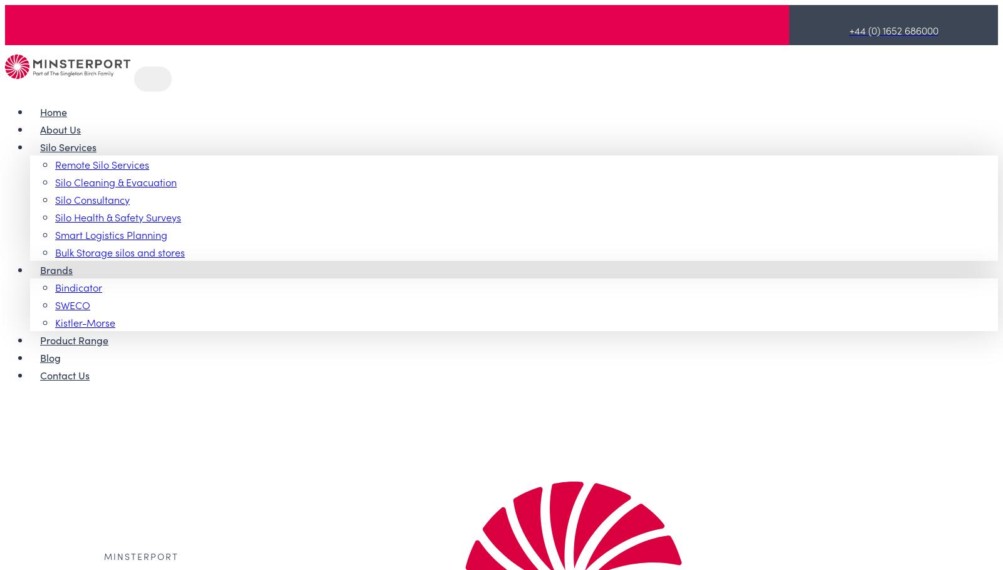  What do you see at coordinates (848, 29) in the screenshot?
I see `'+44 (0) 1652 686000'` at bounding box center [848, 29].